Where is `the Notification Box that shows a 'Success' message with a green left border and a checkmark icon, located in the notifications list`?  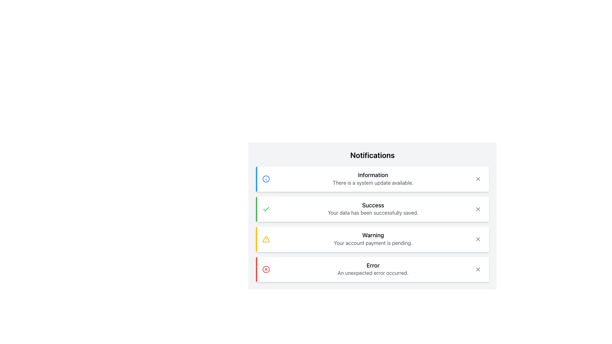 the Notification Box that shows a 'Success' message with a green left border and a checkmark icon, located in the notifications list is located at coordinates (372, 209).